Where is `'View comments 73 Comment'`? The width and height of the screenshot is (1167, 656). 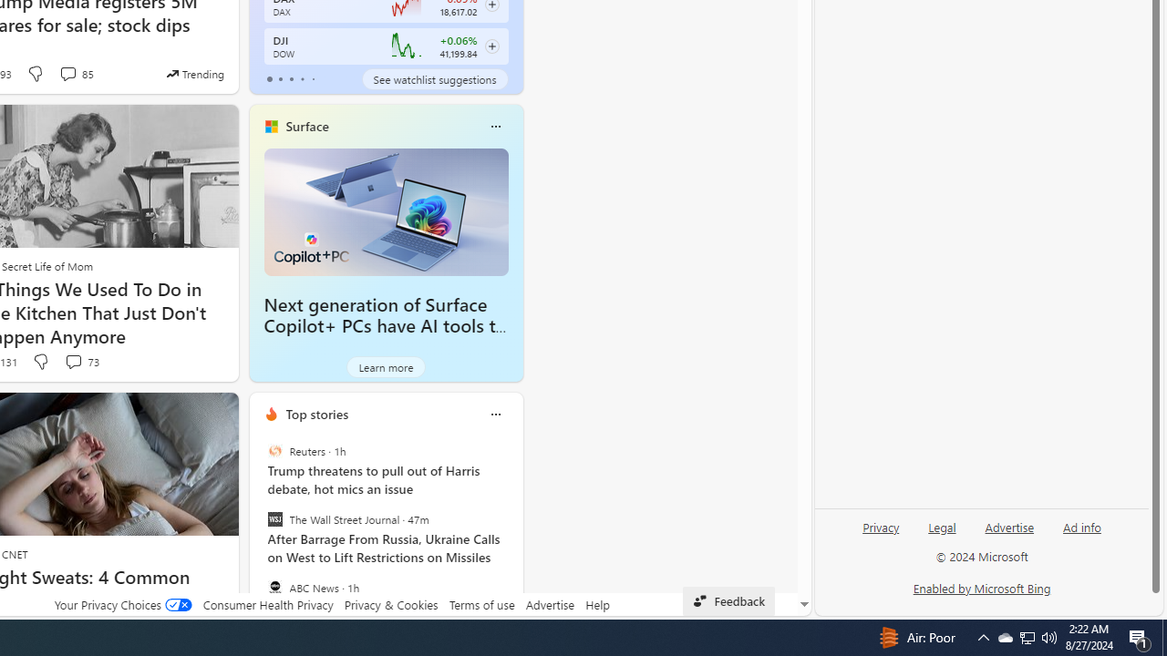
'View comments 73 Comment' is located at coordinates (79, 362).